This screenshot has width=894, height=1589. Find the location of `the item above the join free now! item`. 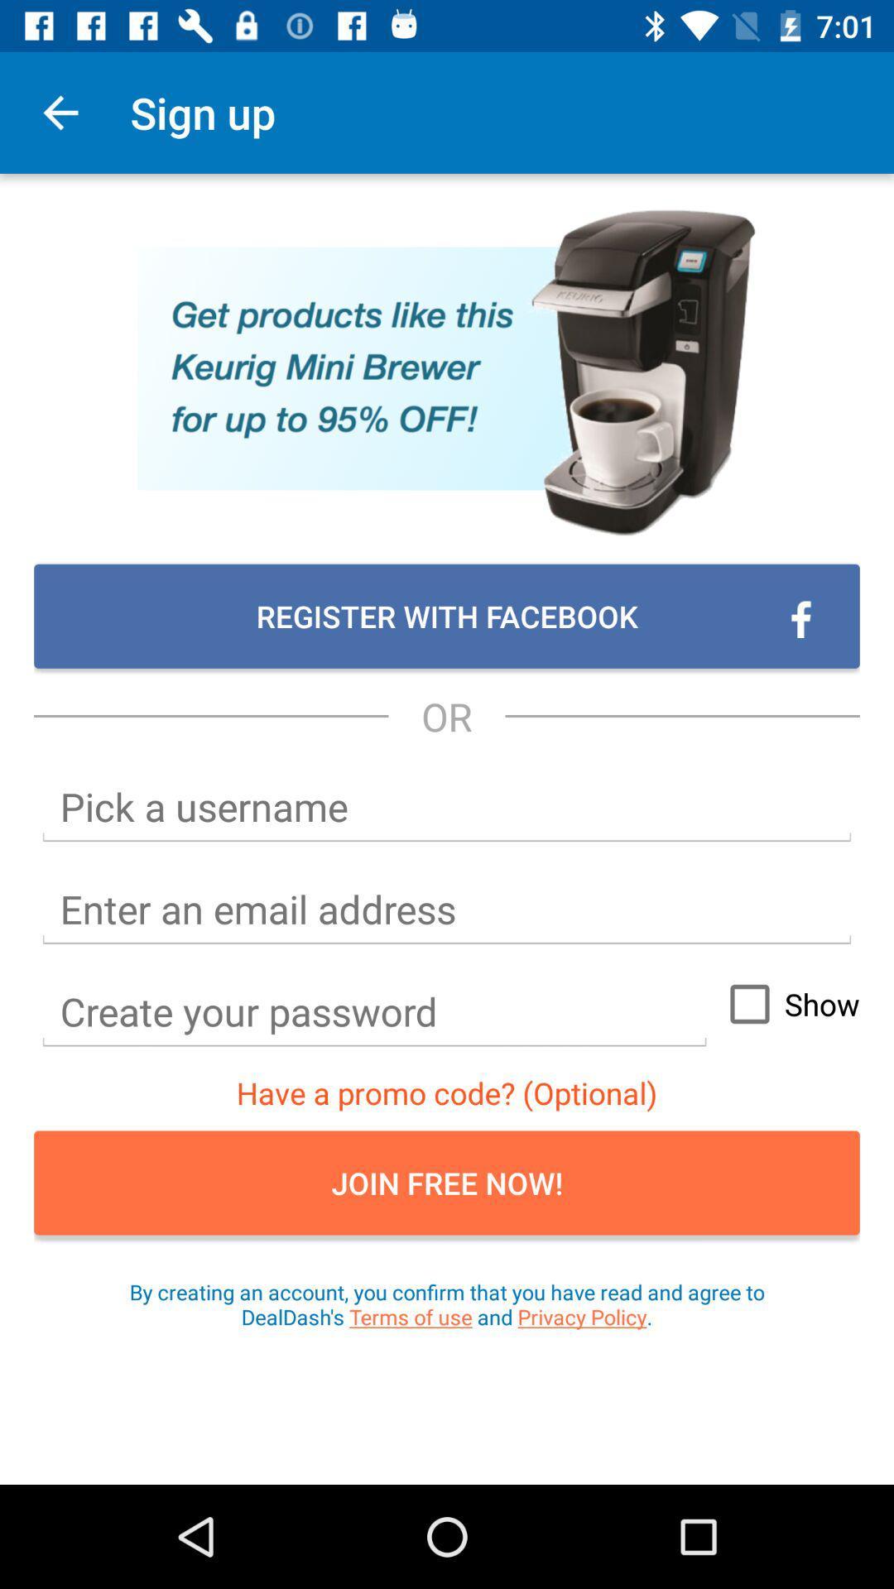

the item above the join free now! item is located at coordinates (447, 1092).